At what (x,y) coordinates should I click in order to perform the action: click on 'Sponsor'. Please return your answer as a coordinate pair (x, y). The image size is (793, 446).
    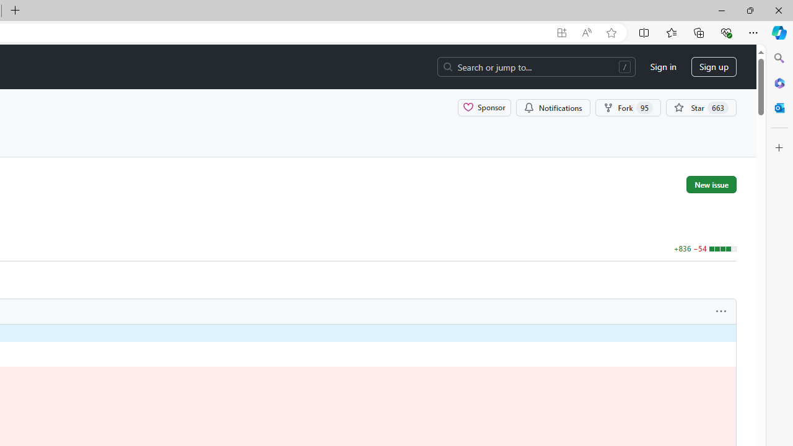
    Looking at the image, I should click on (484, 107).